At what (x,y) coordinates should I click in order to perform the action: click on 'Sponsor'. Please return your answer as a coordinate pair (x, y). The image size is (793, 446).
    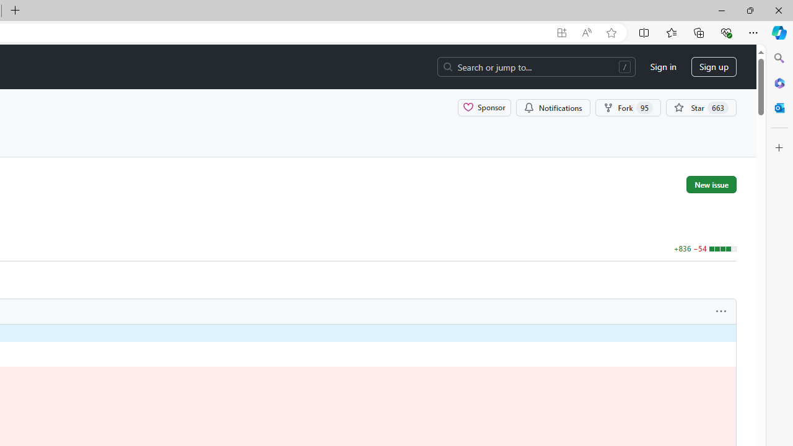
    Looking at the image, I should click on (484, 107).